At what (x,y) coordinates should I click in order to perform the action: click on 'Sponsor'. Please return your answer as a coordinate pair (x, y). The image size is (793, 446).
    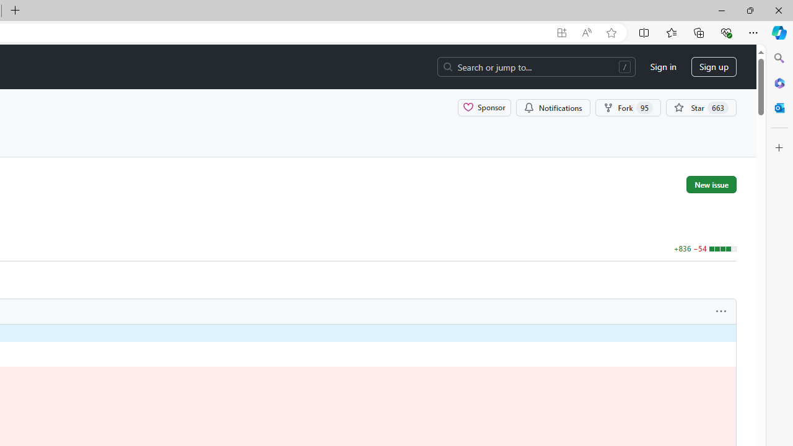
    Looking at the image, I should click on (484, 107).